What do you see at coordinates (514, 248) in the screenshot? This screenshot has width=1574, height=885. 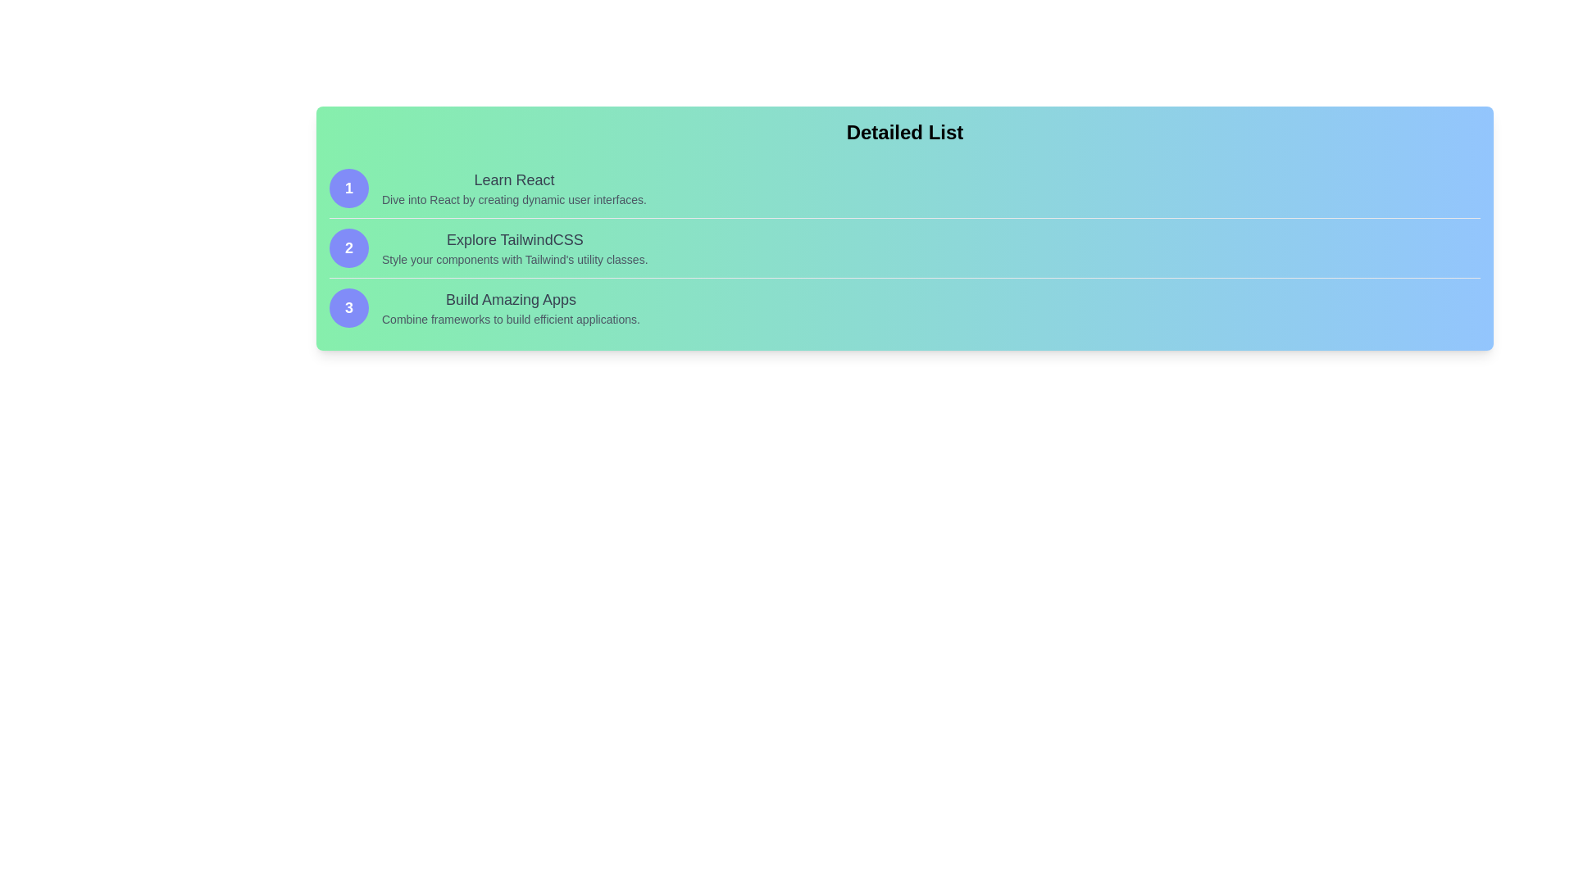 I see `the Informative Text Block containing the heading 'Explore TailwindCSS' and the description 'Style your components with Tailwind's utility classes' for reading` at bounding box center [514, 248].